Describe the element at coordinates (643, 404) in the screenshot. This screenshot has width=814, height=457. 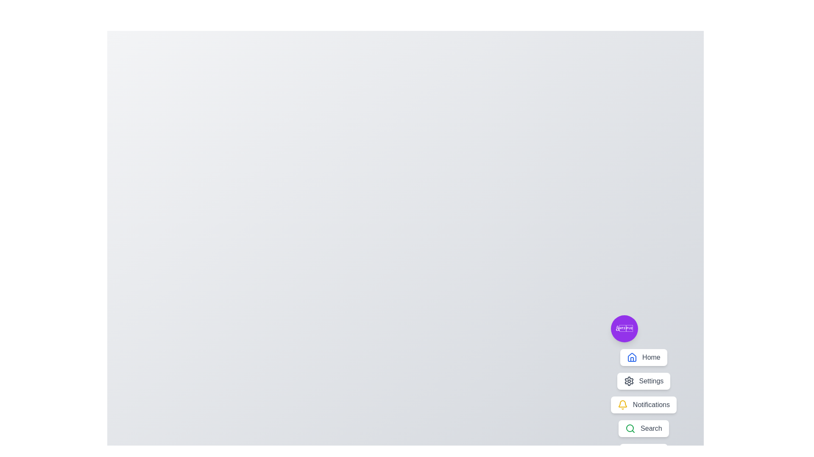
I see `the menu item labeled Notifications` at that location.